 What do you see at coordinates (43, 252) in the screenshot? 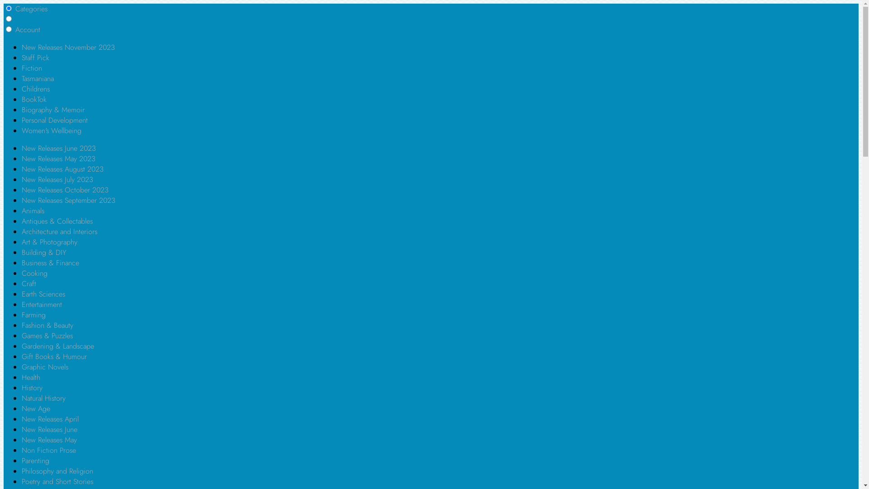
I see `'Building & DIY'` at bounding box center [43, 252].